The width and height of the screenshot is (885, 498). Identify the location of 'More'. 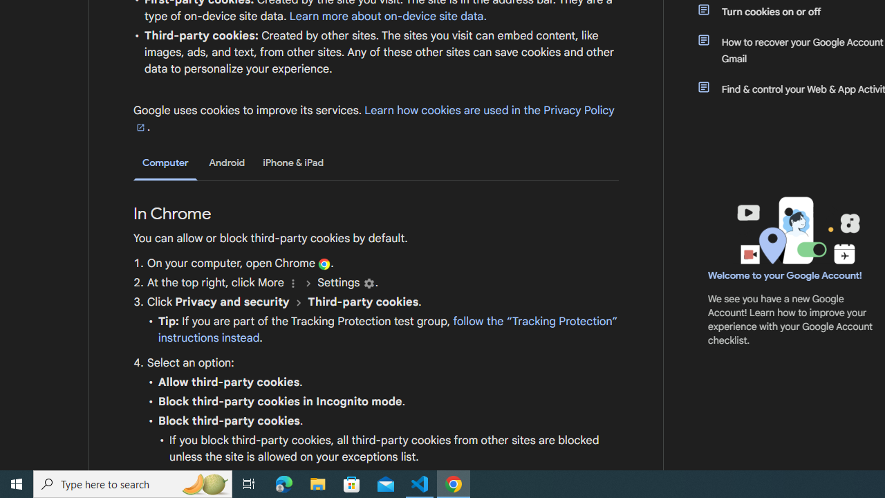
(292, 282).